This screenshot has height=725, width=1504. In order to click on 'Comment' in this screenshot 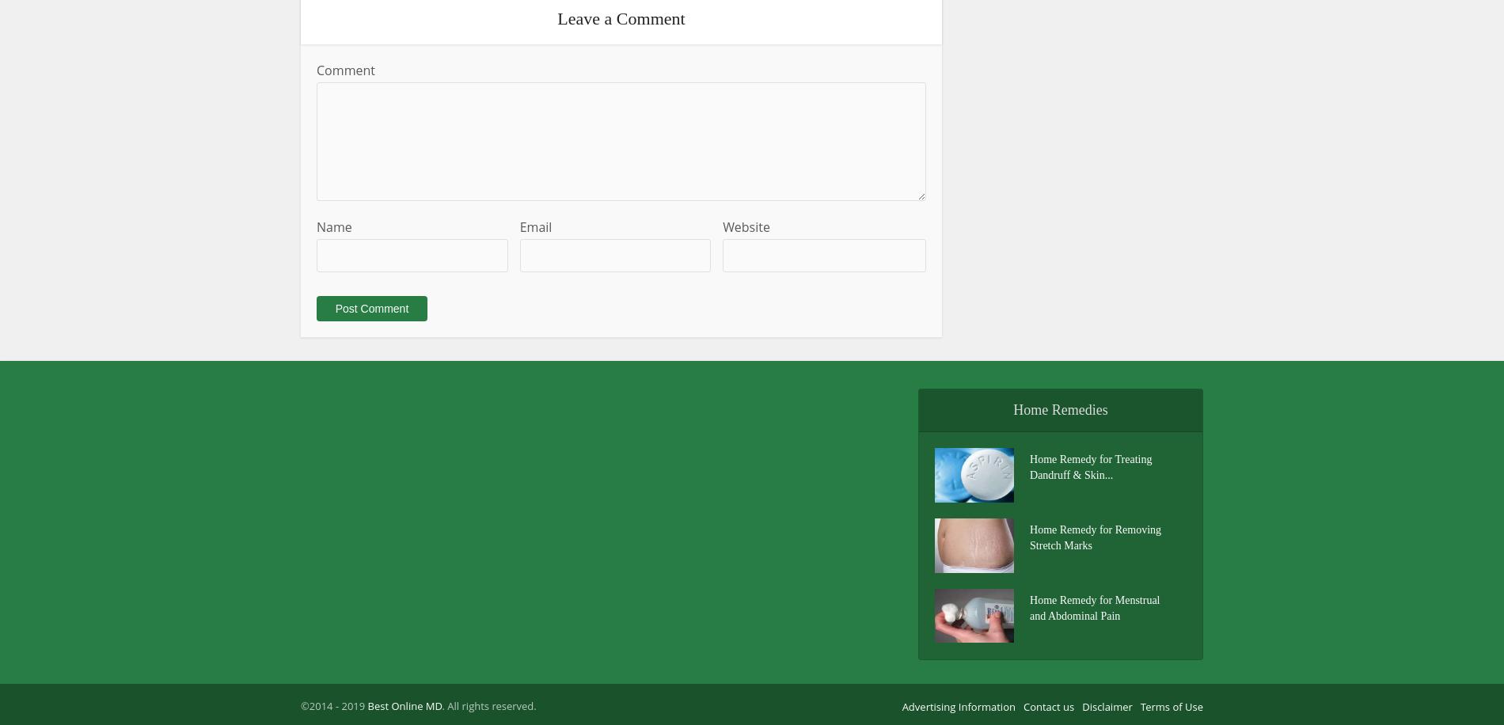, I will do `click(315, 69)`.